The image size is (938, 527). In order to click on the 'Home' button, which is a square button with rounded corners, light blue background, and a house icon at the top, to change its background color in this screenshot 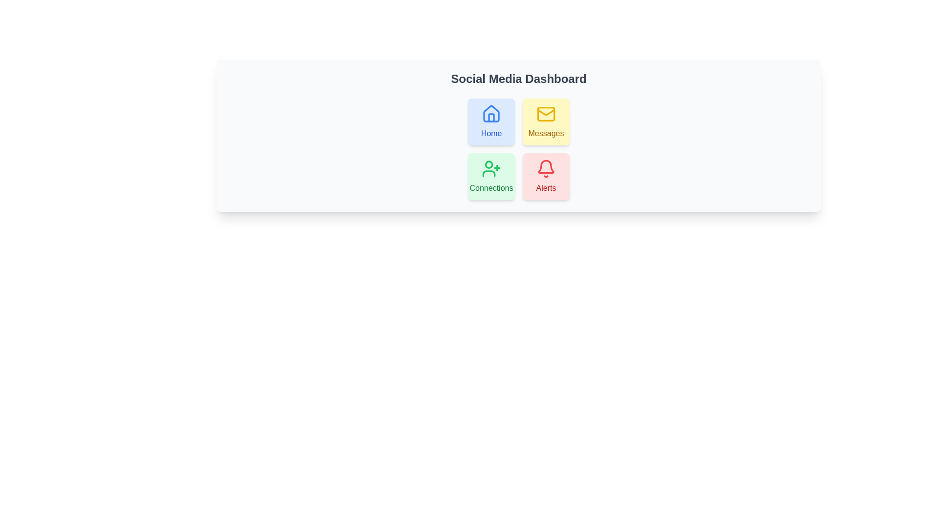, I will do `click(491, 122)`.